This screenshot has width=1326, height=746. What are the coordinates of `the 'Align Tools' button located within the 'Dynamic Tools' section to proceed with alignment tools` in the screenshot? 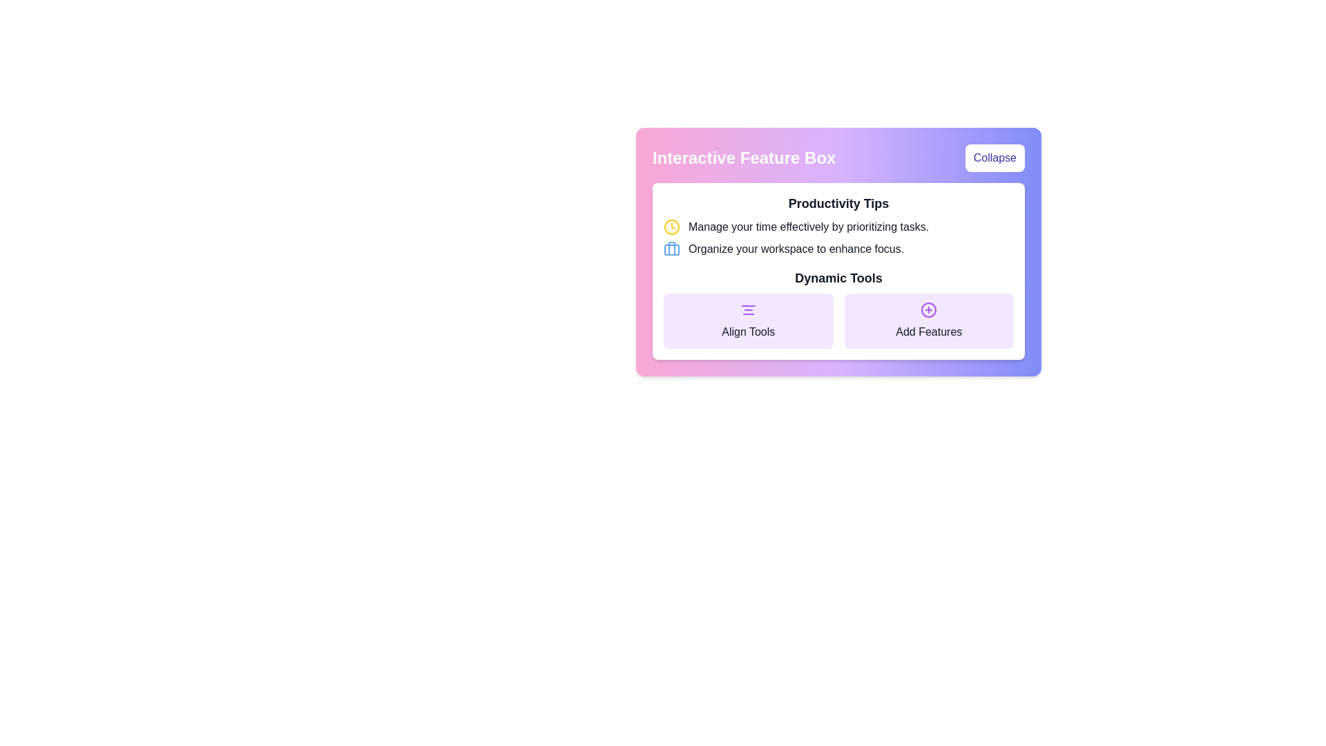 It's located at (838, 308).